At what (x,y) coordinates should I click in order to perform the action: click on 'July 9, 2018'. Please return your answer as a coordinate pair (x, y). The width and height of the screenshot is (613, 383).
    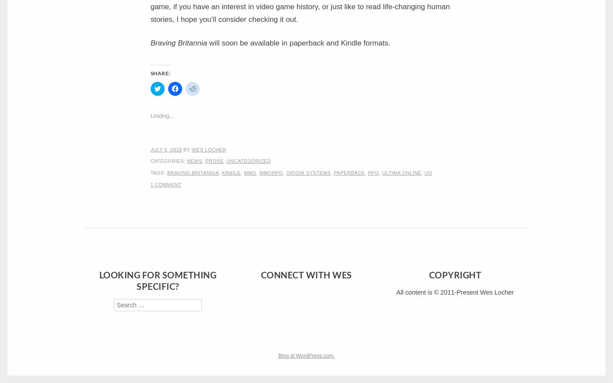
    Looking at the image, I should click on (166, 149).